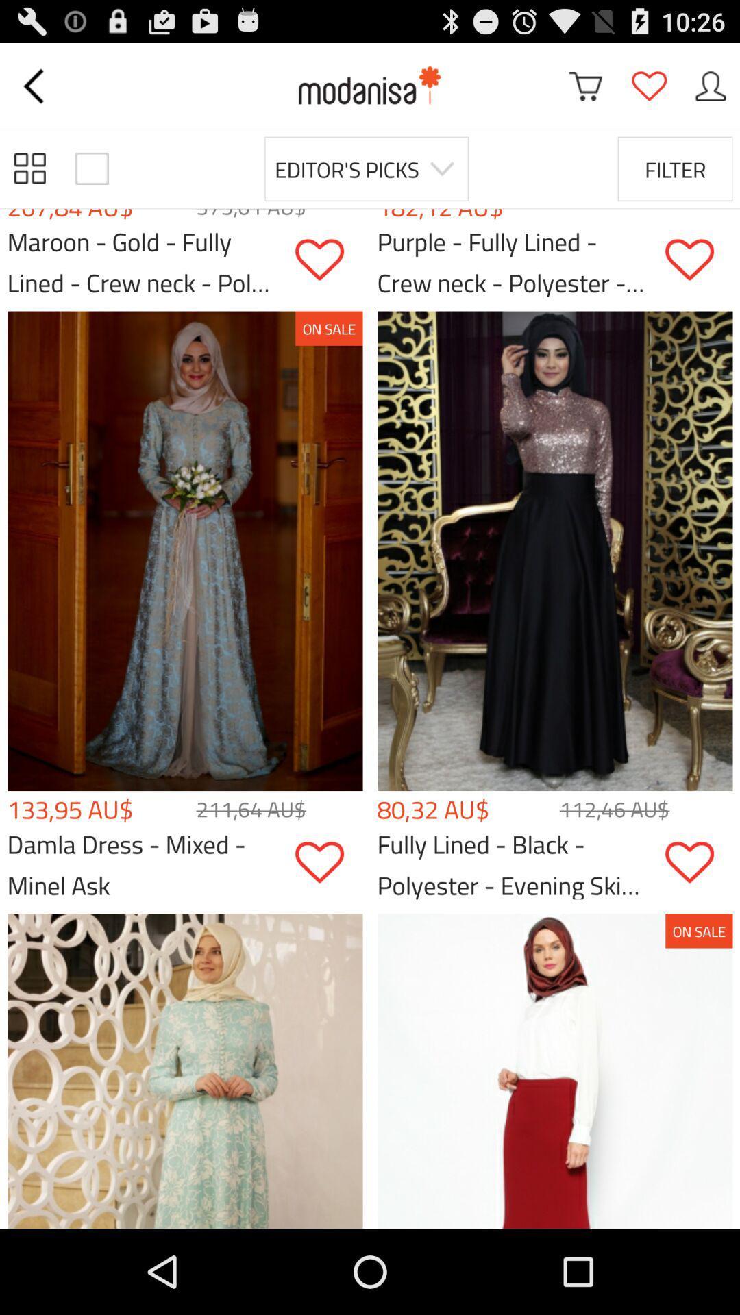 The height and width of the screenshot is (1315, 740). What do you see at coordinates (328, 862) in the screenshot?
I see `heart` at bounding box center [328, 862].